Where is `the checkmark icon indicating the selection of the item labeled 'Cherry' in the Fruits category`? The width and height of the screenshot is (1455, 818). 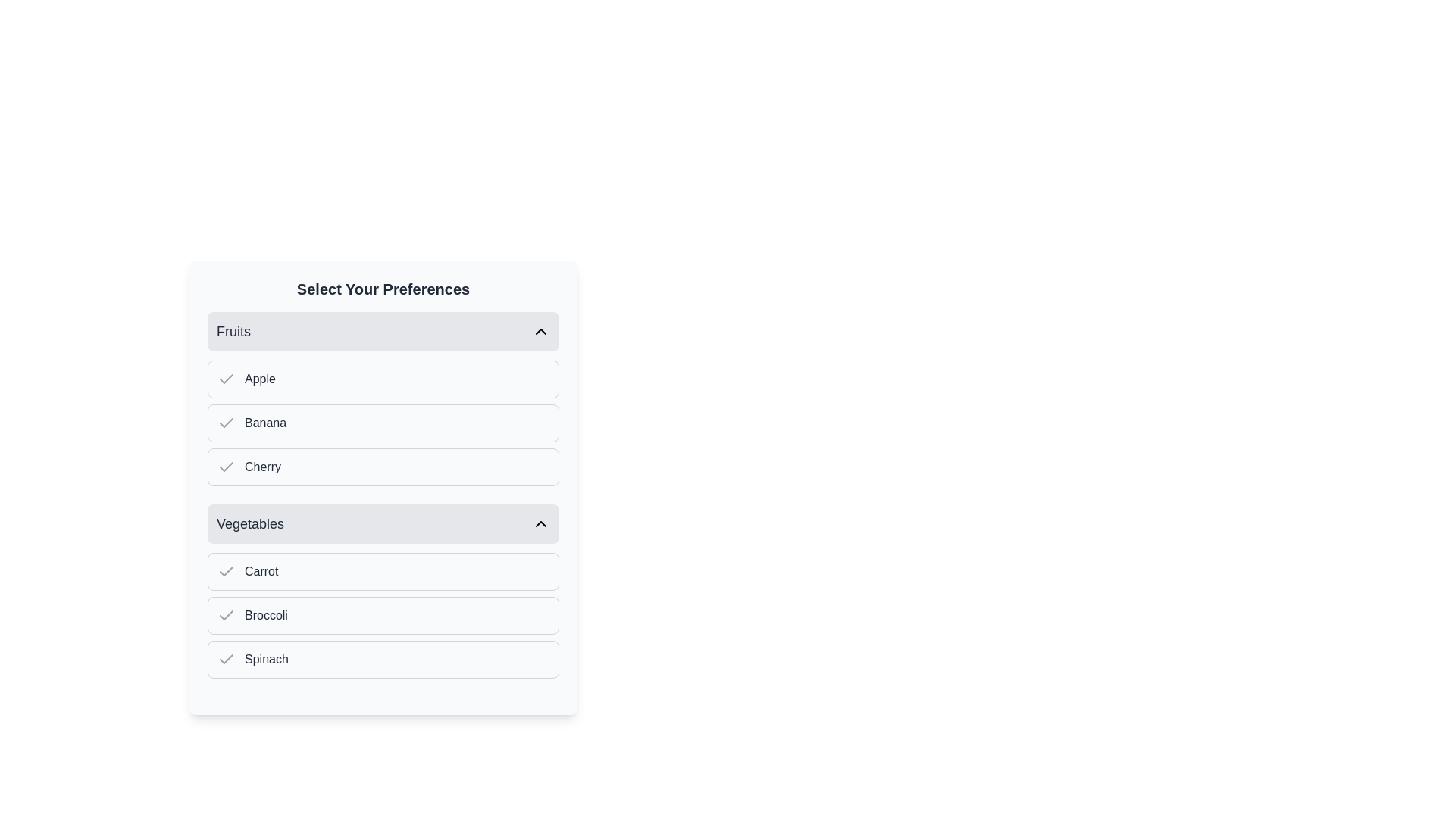 the checkmark icon indicating the selection of the item labeled 'Cherry' in the Fruits category is located at coordinates (225, 467).